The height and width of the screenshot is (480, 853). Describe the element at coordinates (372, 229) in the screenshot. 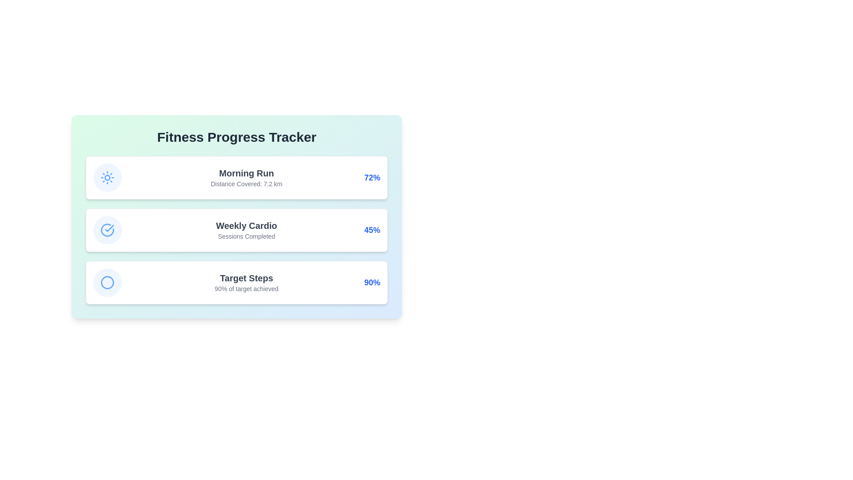

I see `the static text displaying the completion percentage for the 'Weekly Cardio' sessions, located on the rightmost side inside the 'Weekly Cardio' section adjacent to 'Sessions Completed'` at that location.